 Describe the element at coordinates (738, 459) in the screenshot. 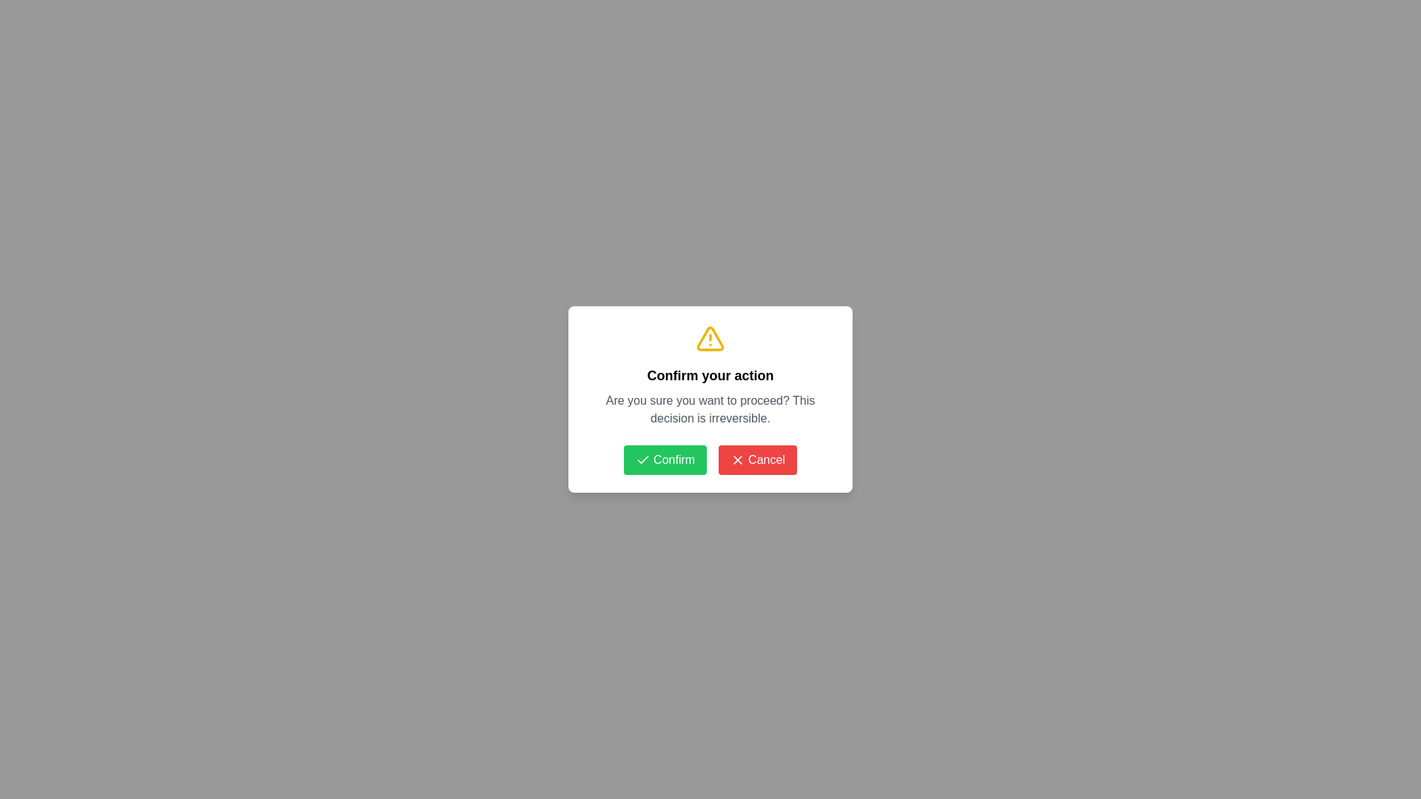

I see `the 'X' shaped icon within the 'Cancel' button` at that location.